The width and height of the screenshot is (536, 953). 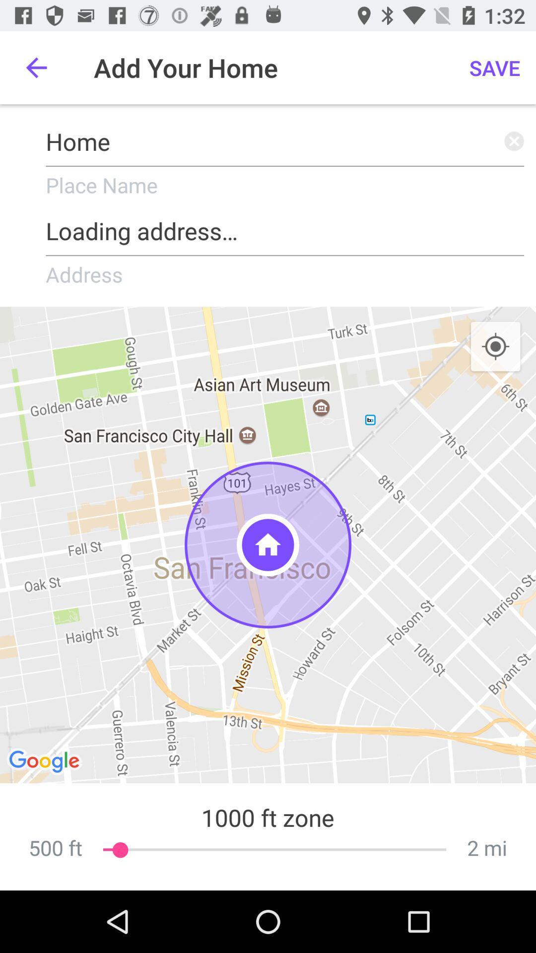 What do you see at coordinates (36, 67) in the screenshot?
I see `icon above home icon` at bounding box center [36, 67].